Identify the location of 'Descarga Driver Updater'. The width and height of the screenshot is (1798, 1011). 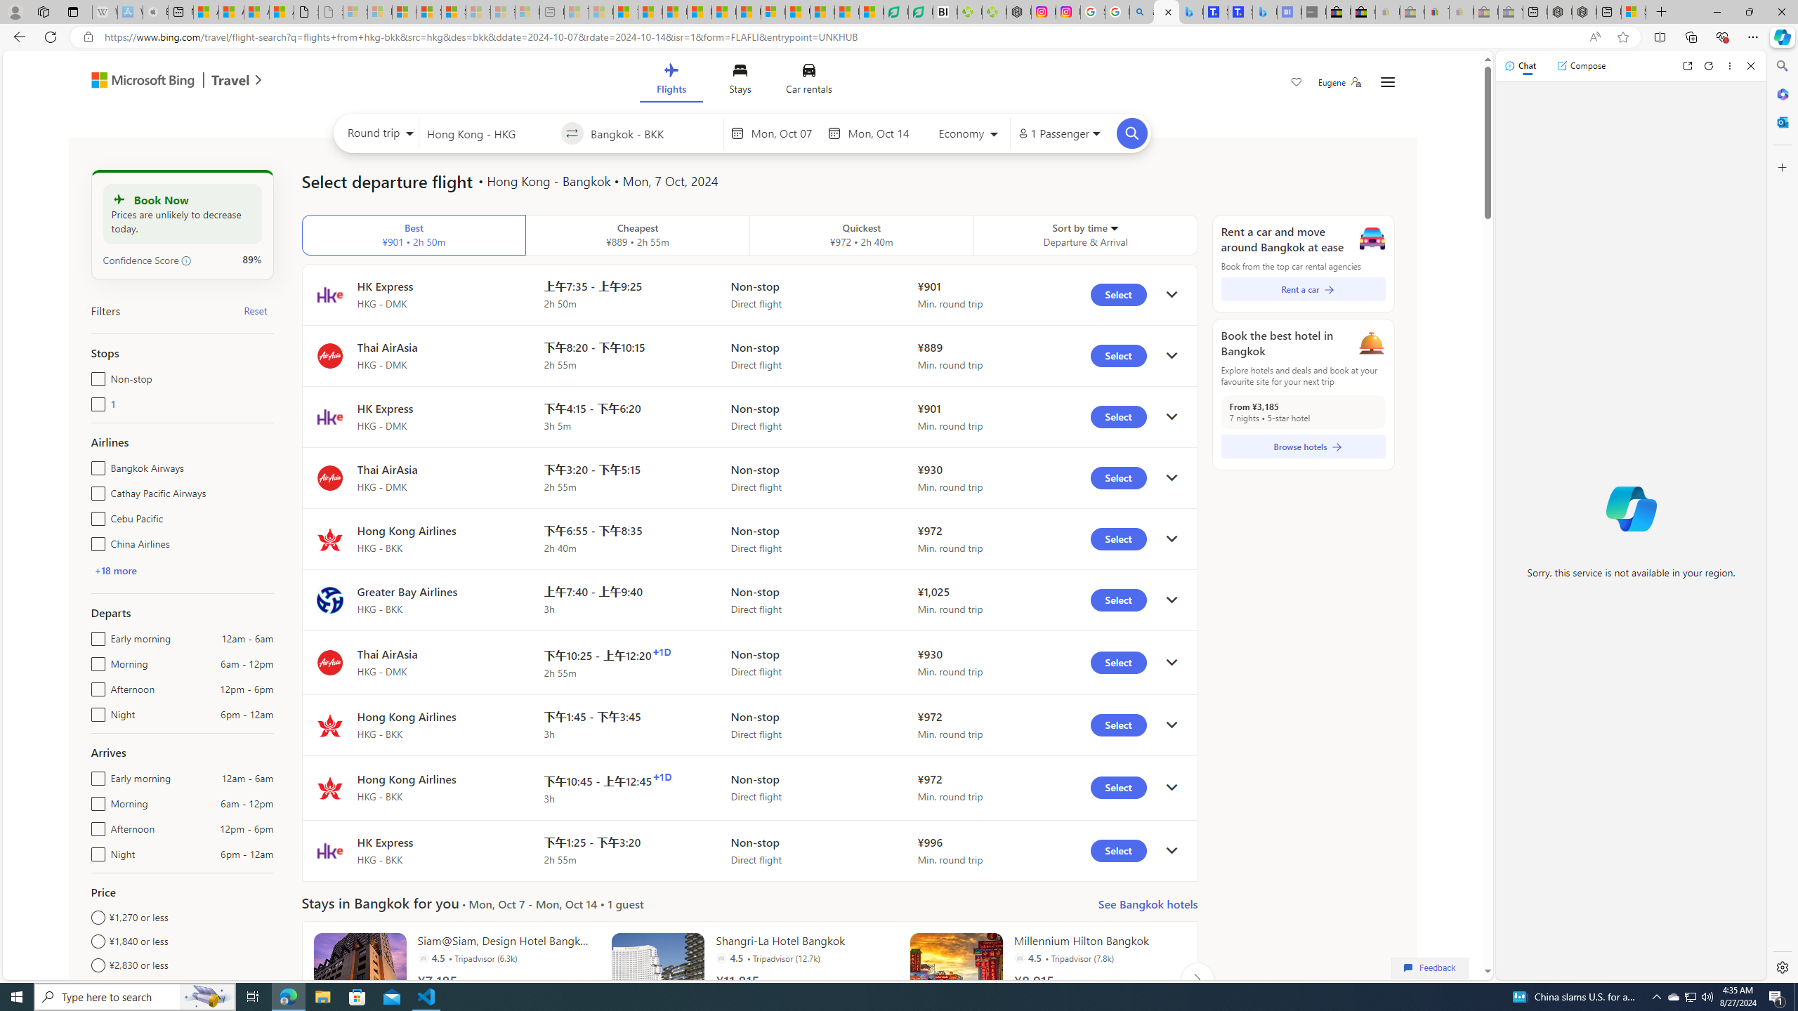
(993, 11).